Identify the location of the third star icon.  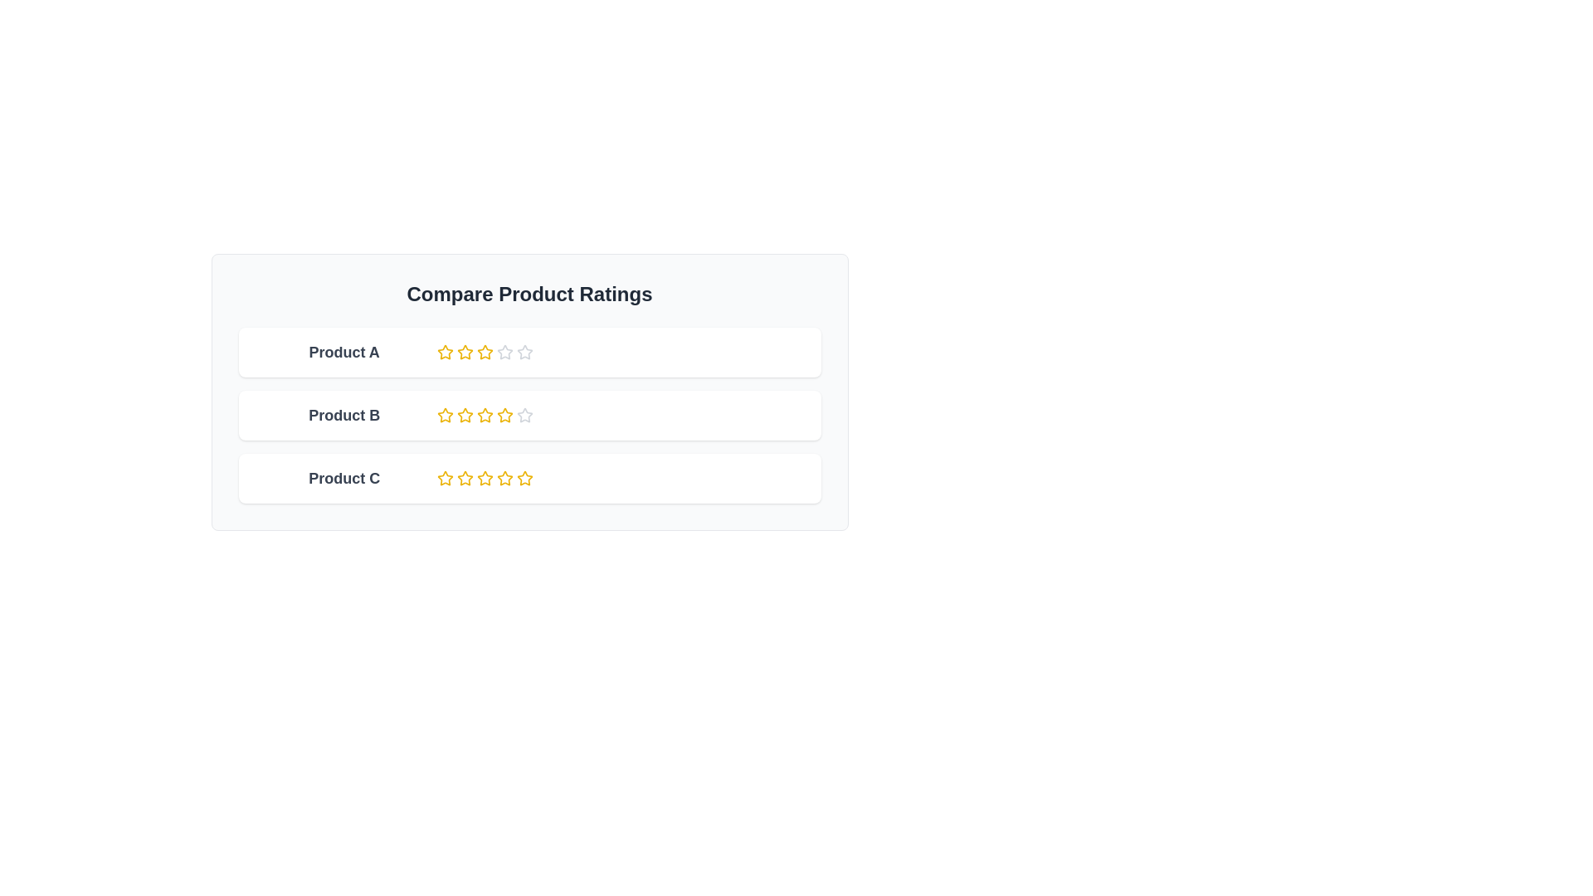
(504, 351).